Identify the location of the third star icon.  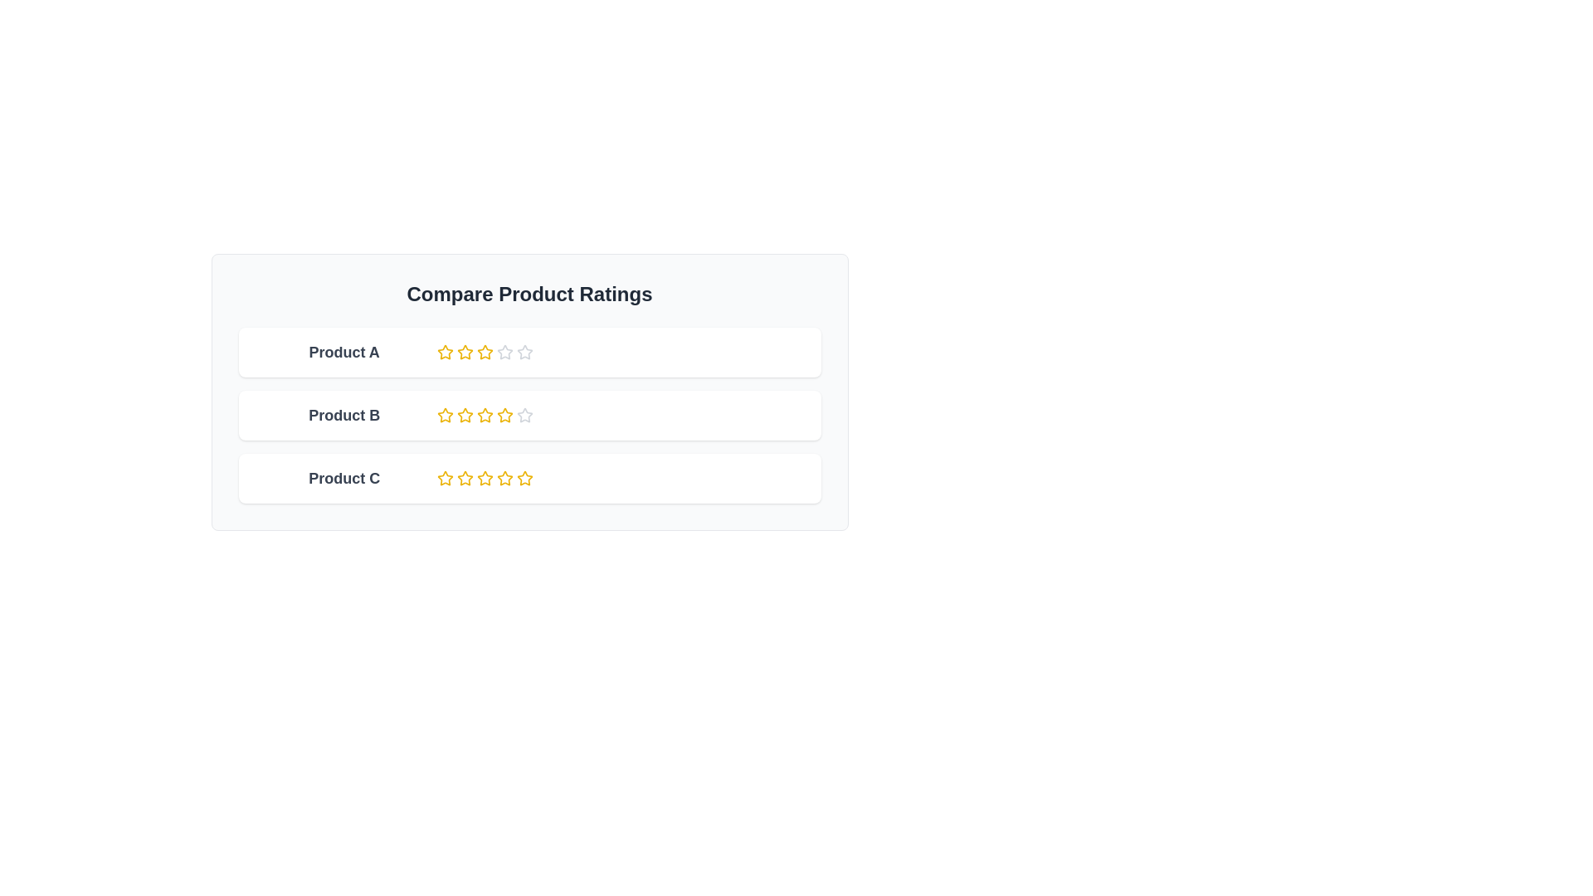
(504, 351).